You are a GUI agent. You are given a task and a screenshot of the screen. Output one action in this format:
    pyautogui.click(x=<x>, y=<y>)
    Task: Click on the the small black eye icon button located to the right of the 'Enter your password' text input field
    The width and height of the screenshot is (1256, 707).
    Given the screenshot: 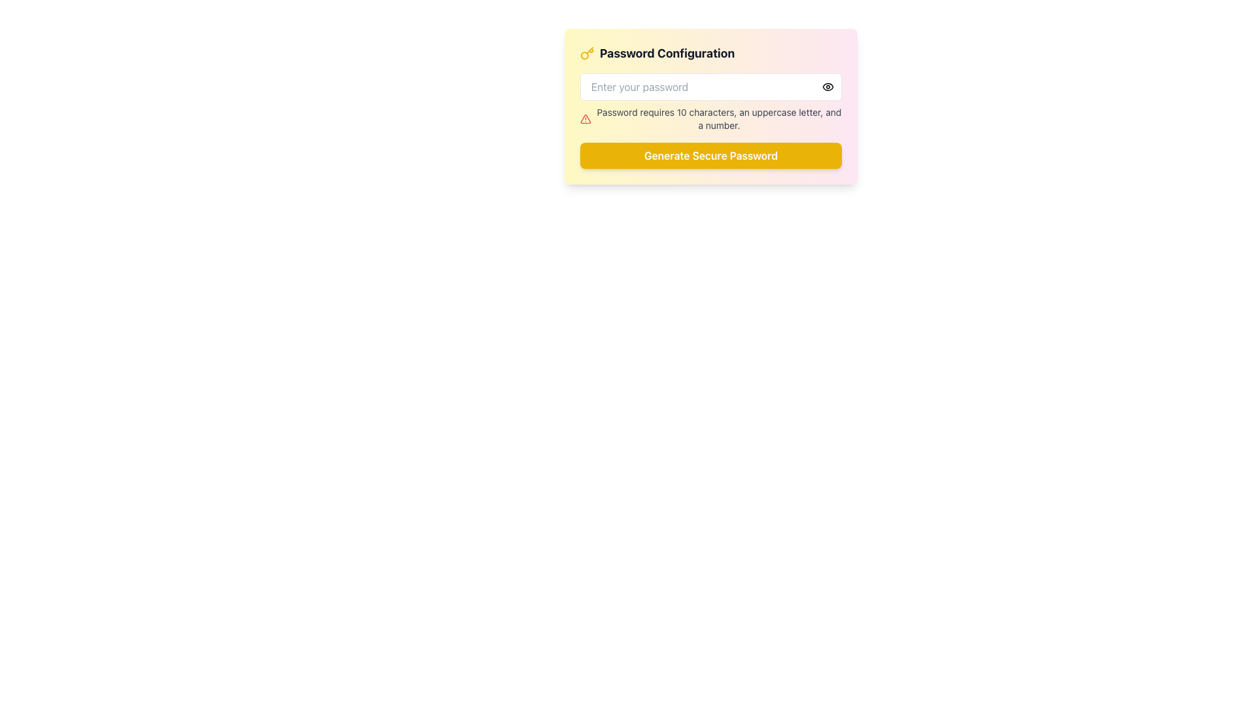 What is the action you would take?
    pyautogui.click(x=828, y=86)
    